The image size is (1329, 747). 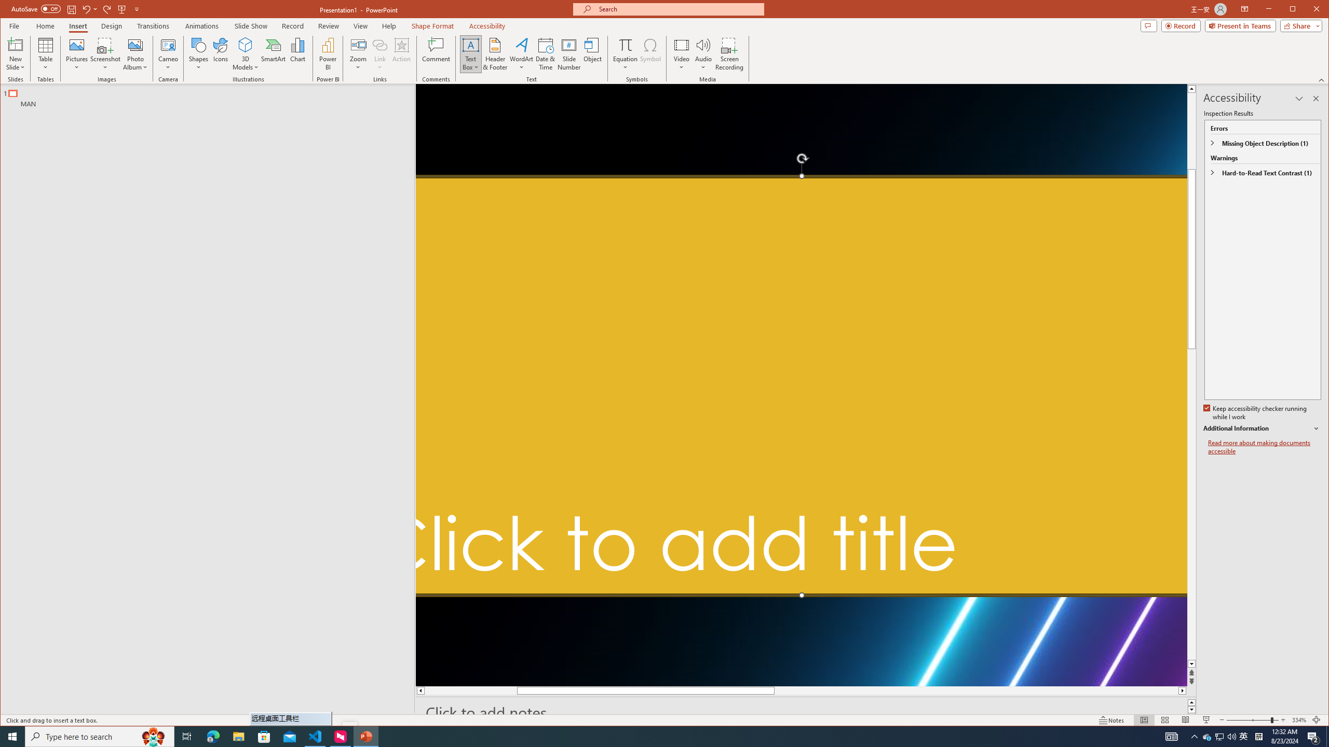 What do you see at coordinates (470, 44) in the screenshot?
I see `'Draw Horizontal Text Box'` at bounding box center [470, 44].